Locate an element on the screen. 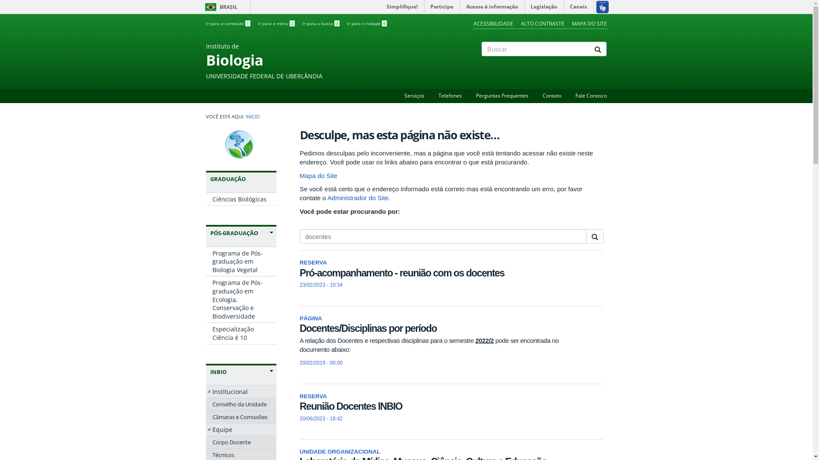 This screenshot has width=819, height=460. 'Administrador do Site' is located at coordinates (358, 198).